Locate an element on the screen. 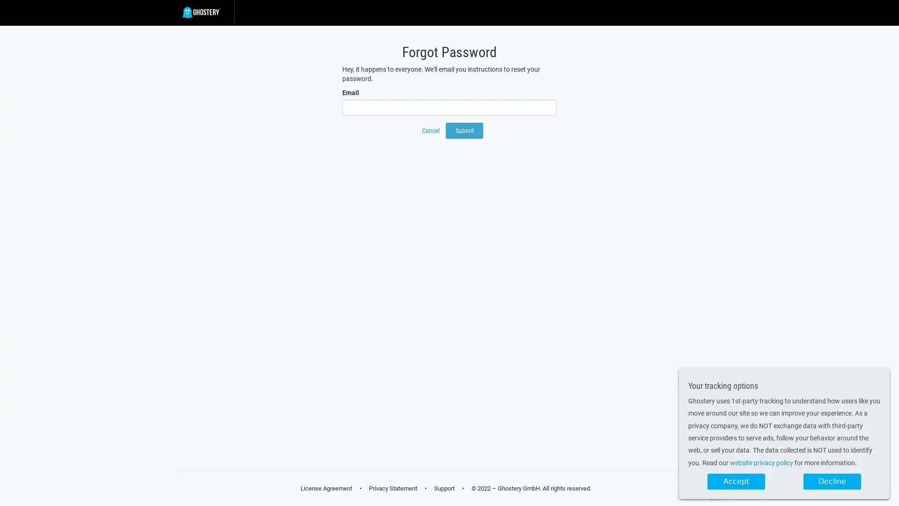 This screenshot has width=899, height=506. Accept is located at coordinates (736, 482).